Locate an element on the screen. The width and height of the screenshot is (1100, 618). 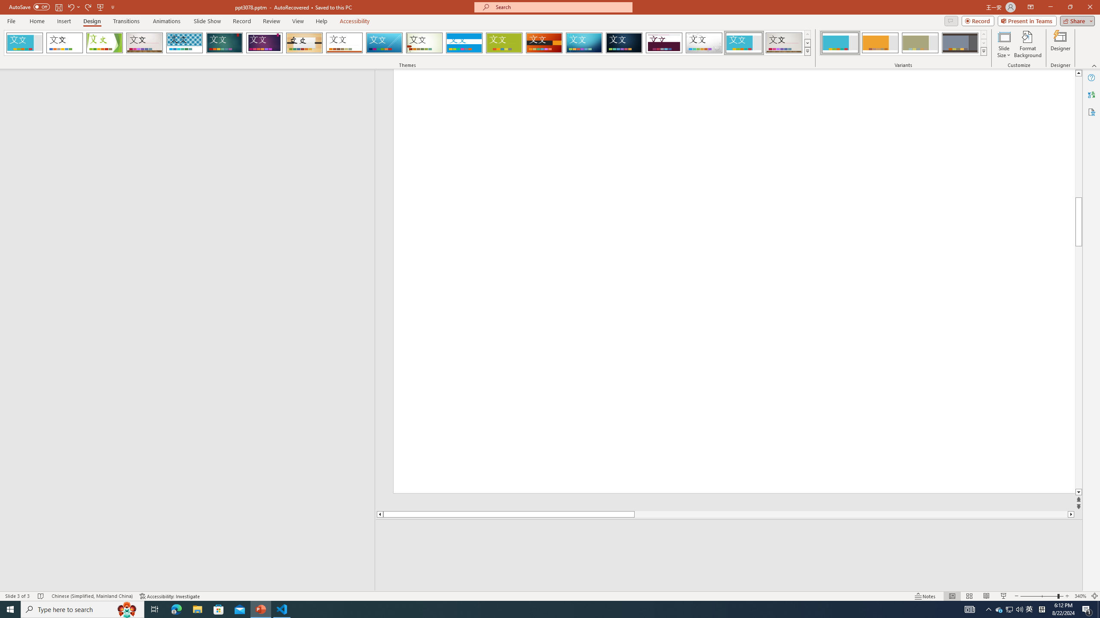
'Retrospect' is located at coordinates (344, 42).